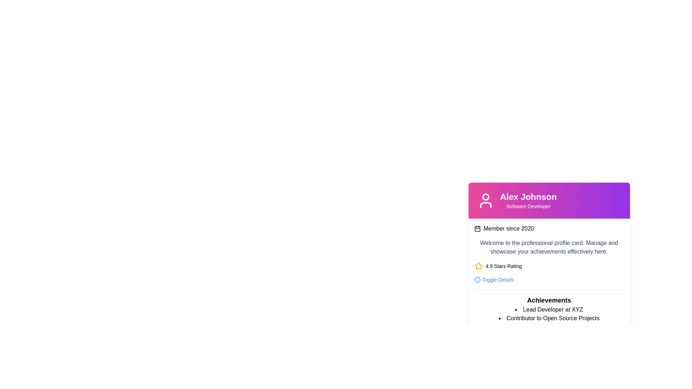 Image resolution: width=692 pixels, height=389 pixels. Describe the element at coordinates (549, 350) in the screenshot. I see `the contact initiation button located at the bottom-right corner of the user actions section beneath the 'Achievements' list to initiate contact with the profile owner` at that location.